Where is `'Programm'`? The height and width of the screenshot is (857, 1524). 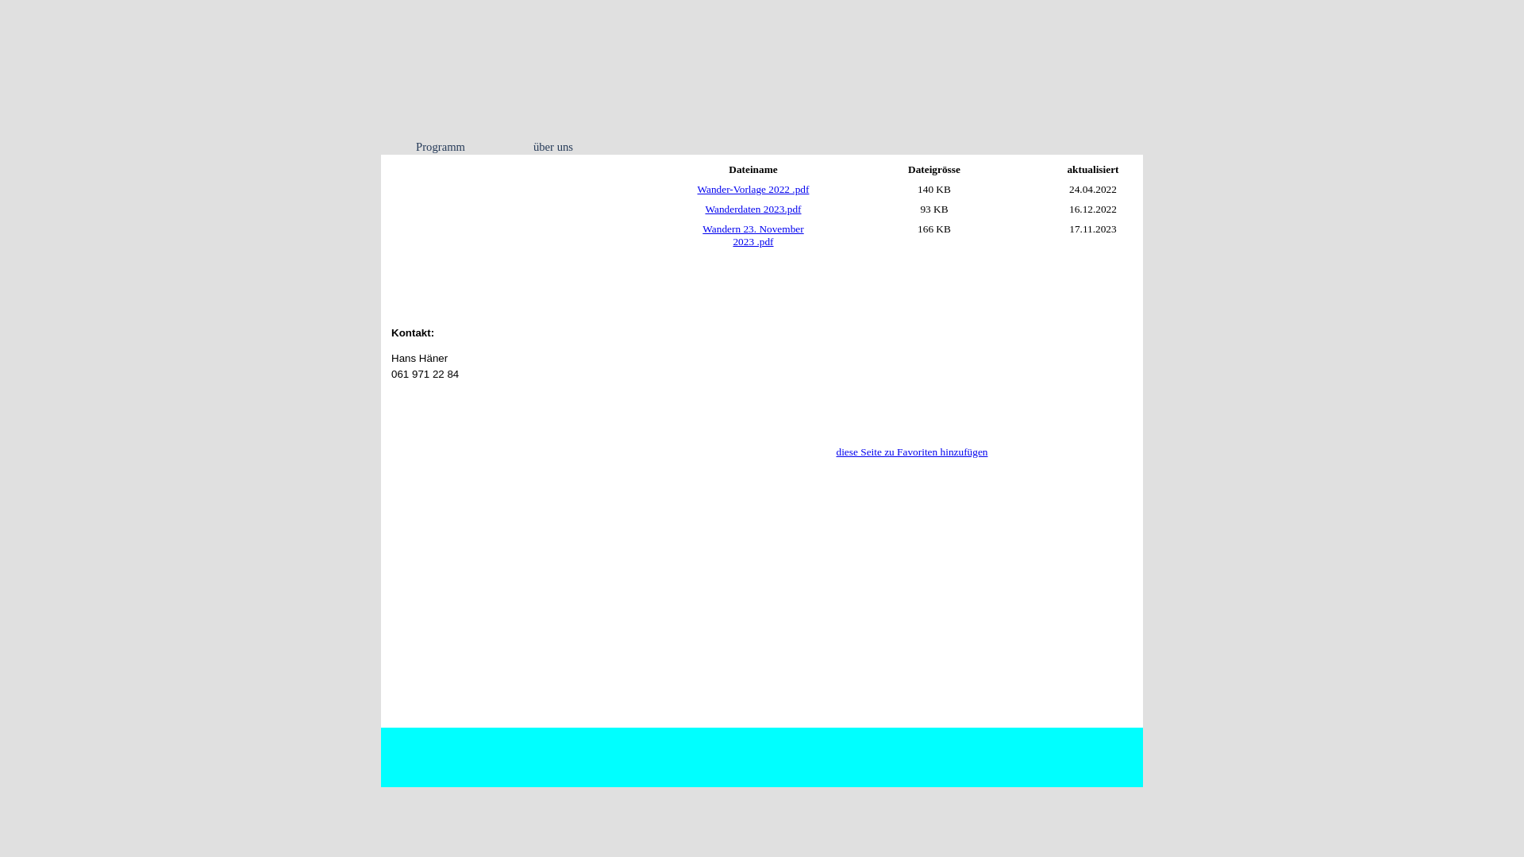 'Programm' is located at coordinates (441, 147).